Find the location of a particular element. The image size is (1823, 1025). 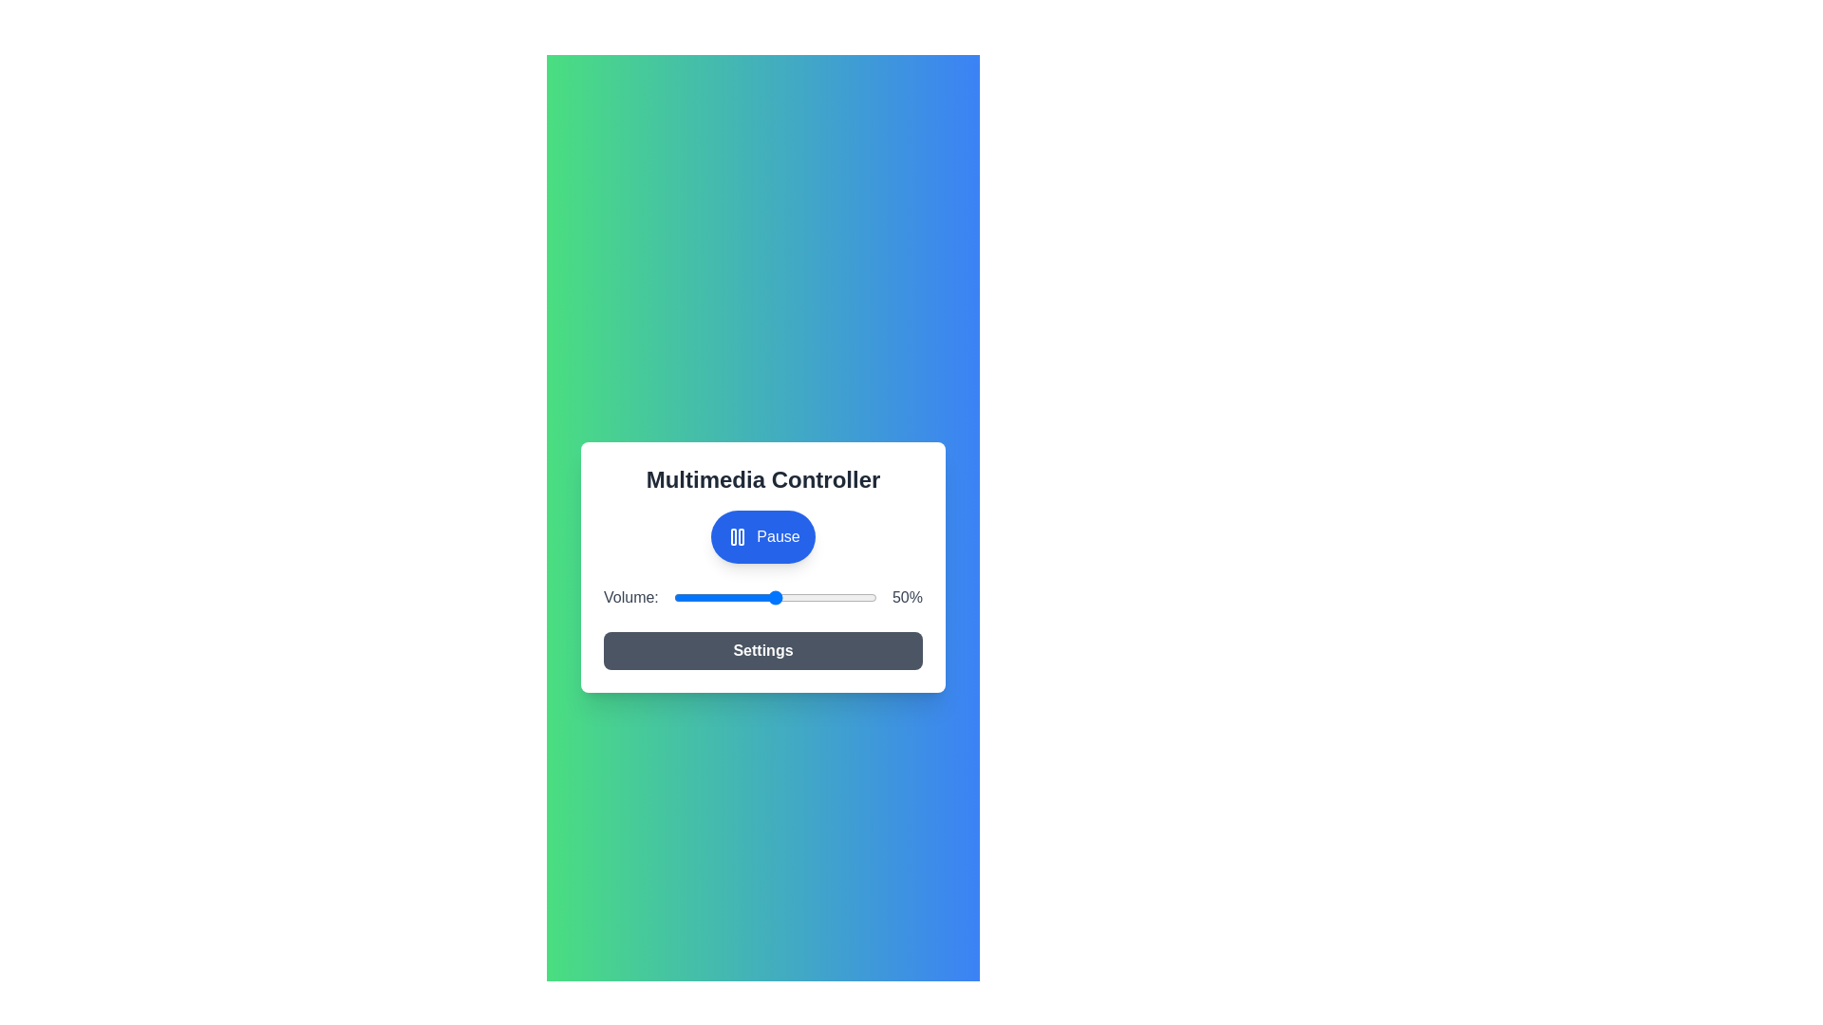

the volume is located at coordinates (736, 596).